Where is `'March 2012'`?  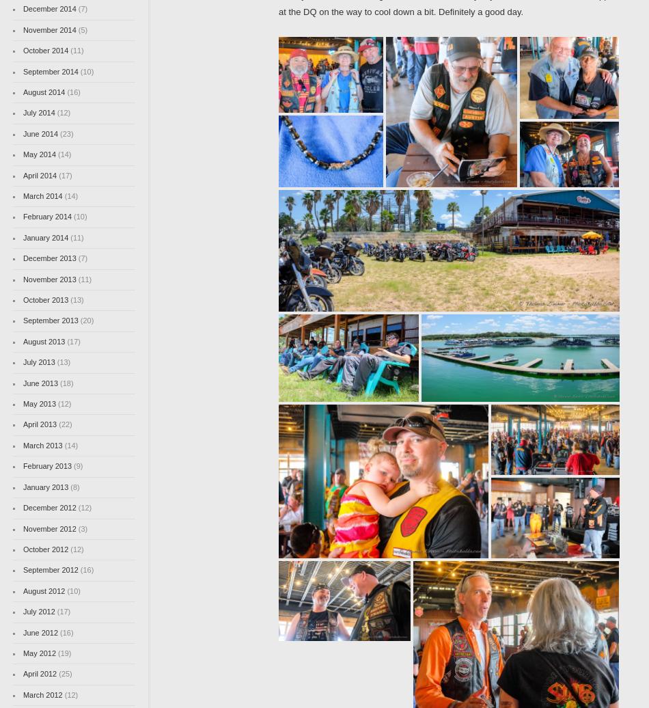 'March 2012' is located at coordinates (42, 694).